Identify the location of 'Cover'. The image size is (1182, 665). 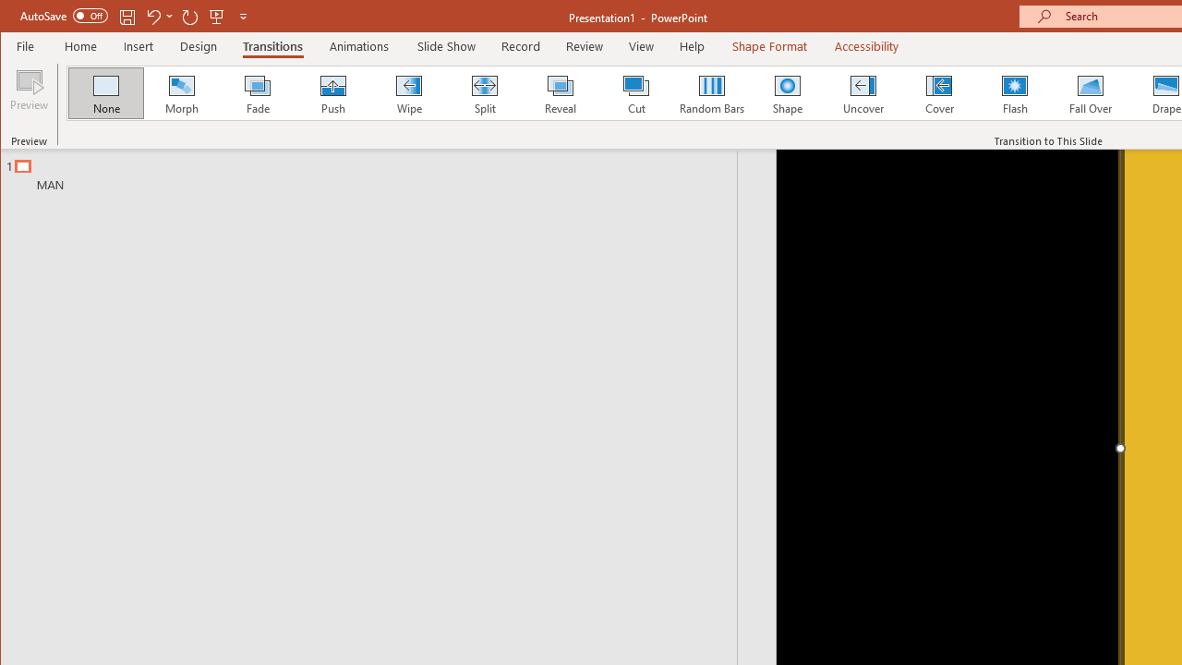
(938, 92).